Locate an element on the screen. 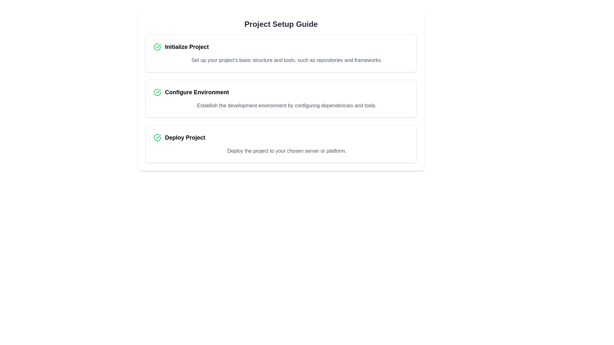  the static text label 'Configure Environment' which is styled with a bold, larger font and is horizontally aligned with a green check icon on its left is located at coordinates (196, 92).